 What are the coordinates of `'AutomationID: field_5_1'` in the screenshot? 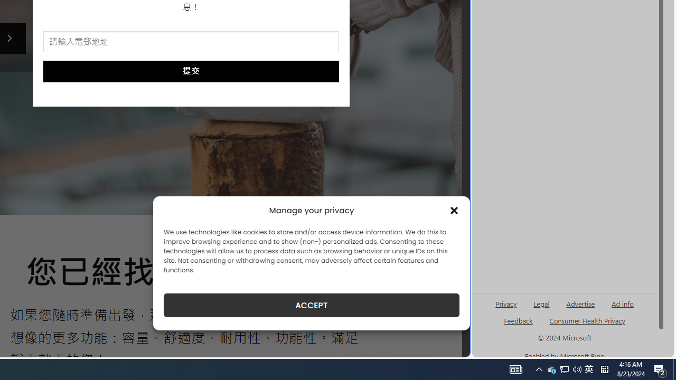 It's located at (191, 42).